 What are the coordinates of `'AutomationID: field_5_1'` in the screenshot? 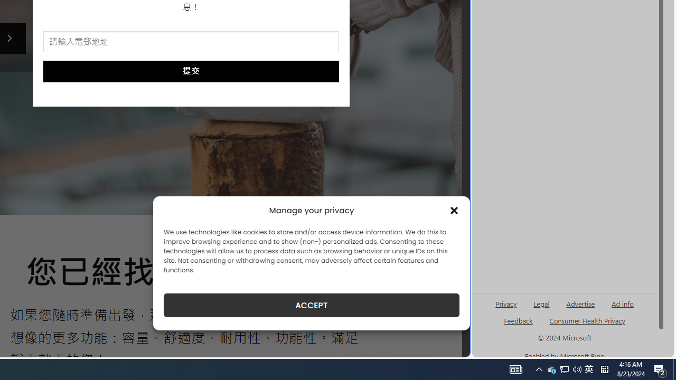 It's located at (191, 42).